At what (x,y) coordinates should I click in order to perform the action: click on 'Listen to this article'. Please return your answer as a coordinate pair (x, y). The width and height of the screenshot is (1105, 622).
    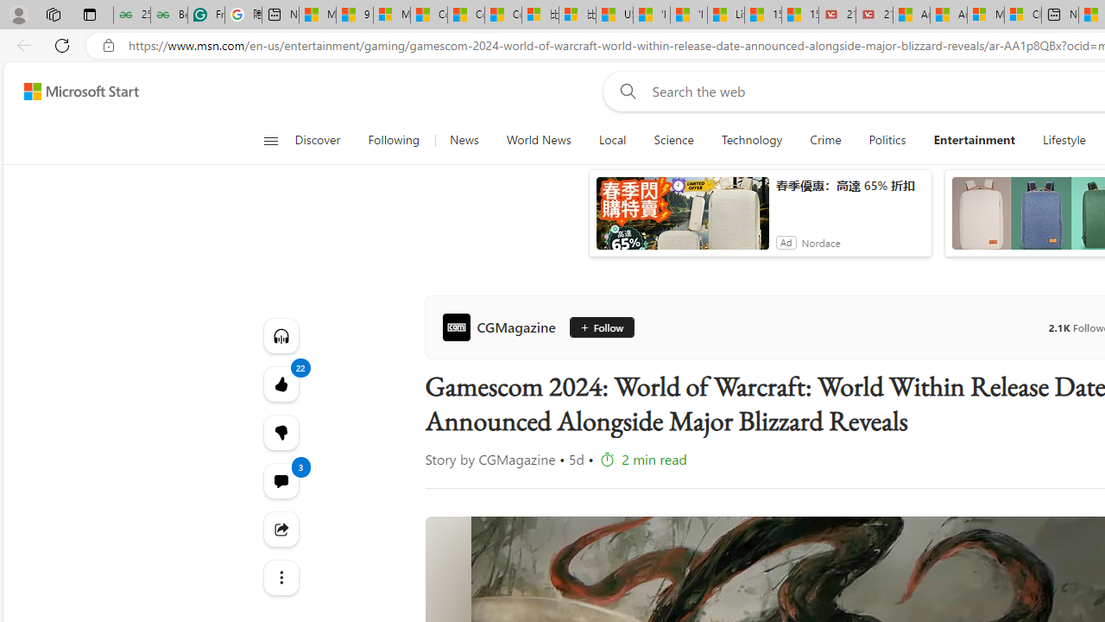
    Looking at the image, I should click on (281, 335).